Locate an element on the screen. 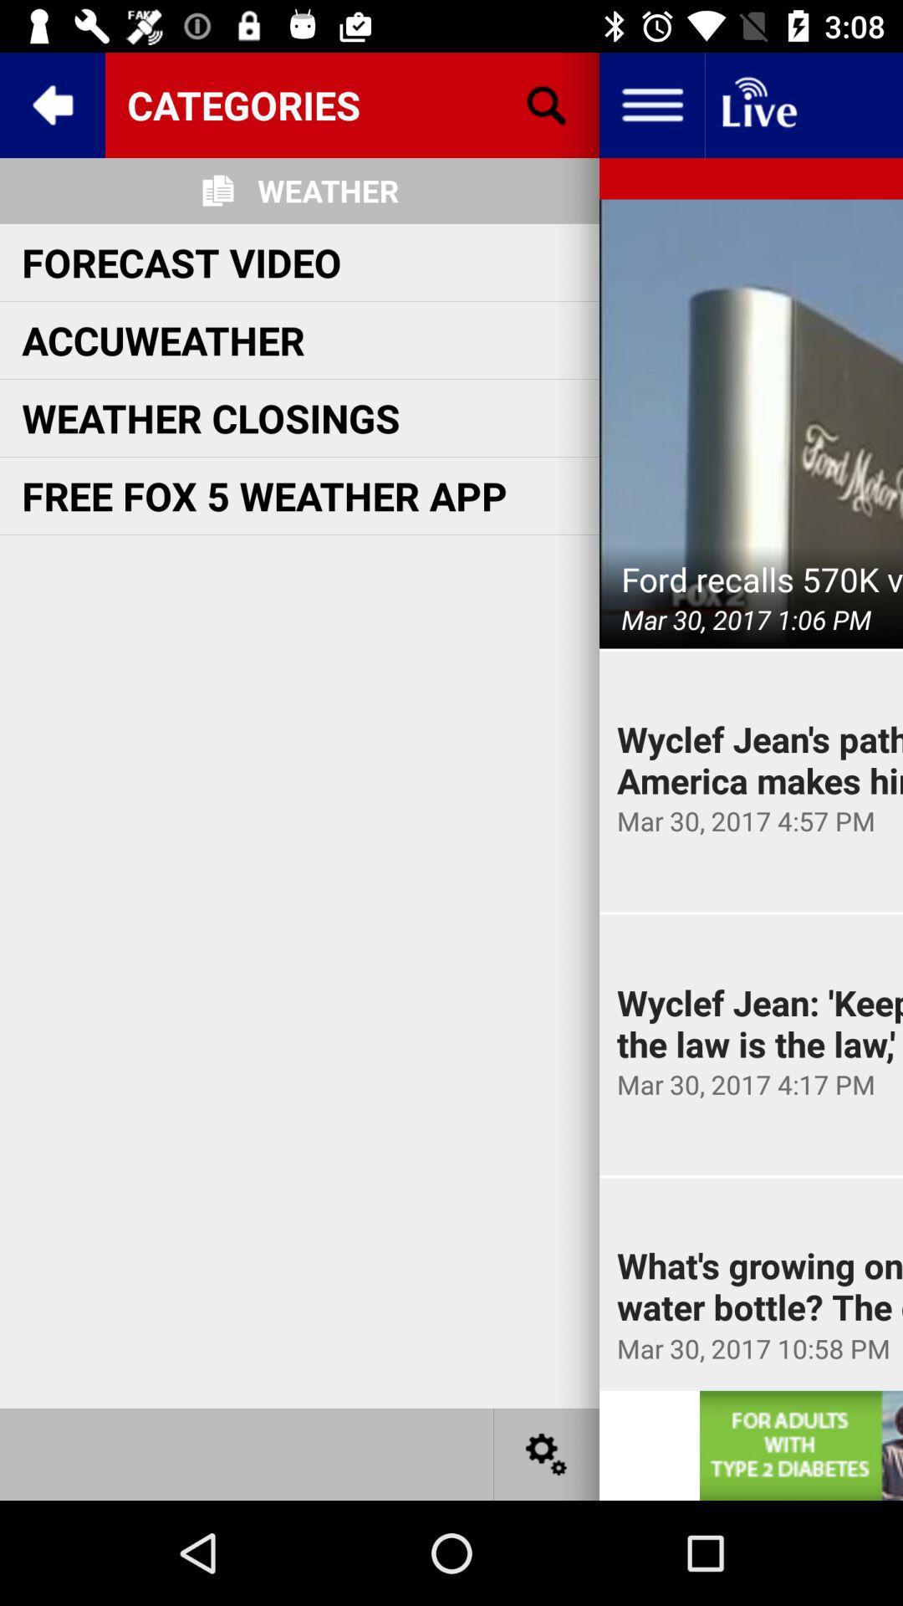 Image resolution: width=903 pixels, height=1606 pixels. icon on the left side of weather is located at coordinates (217, 191).